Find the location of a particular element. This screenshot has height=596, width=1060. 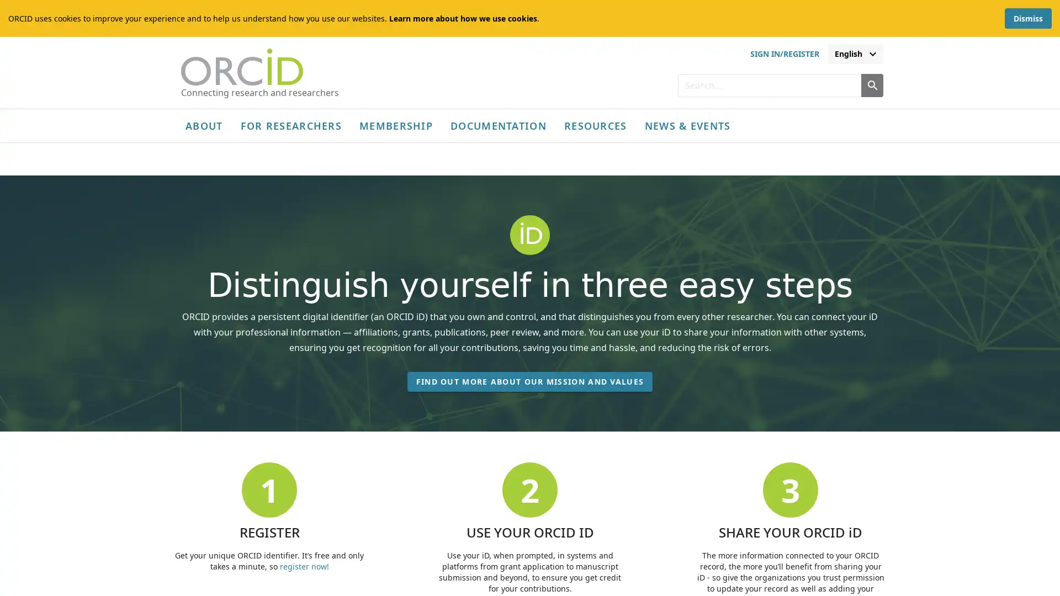

sign in or register is located at coordinates (783, 54).